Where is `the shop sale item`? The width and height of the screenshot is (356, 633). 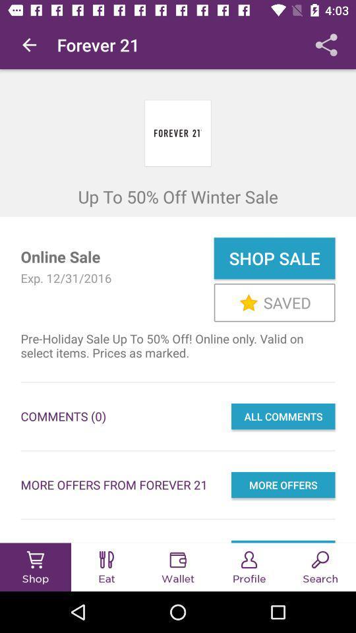
the shop sale item is located at coordinates (274, 257).